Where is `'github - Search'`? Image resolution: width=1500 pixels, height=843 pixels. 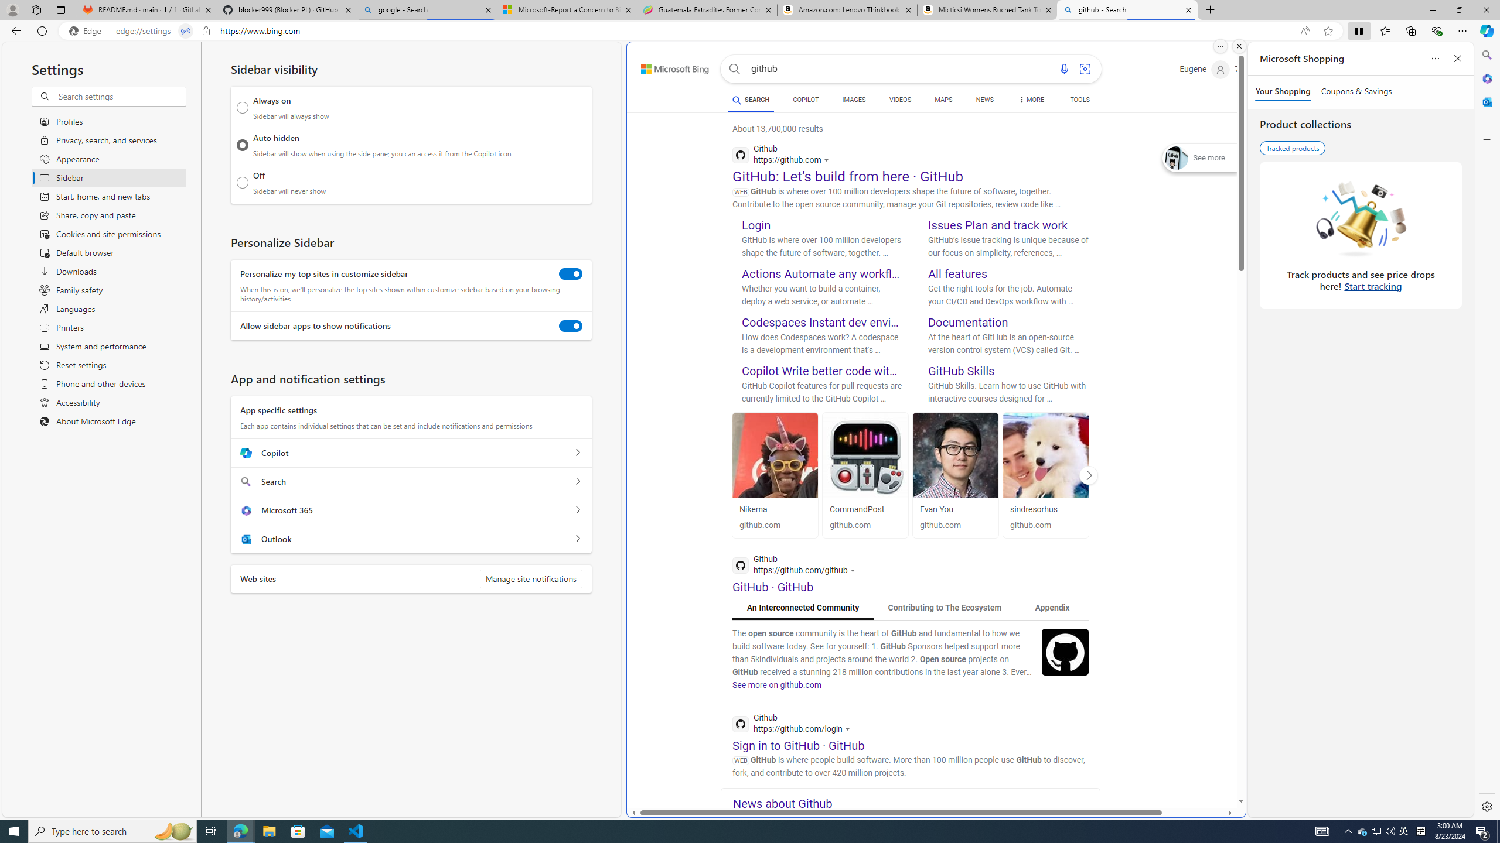 'github - Search' is located at coordinates (1127, 9).